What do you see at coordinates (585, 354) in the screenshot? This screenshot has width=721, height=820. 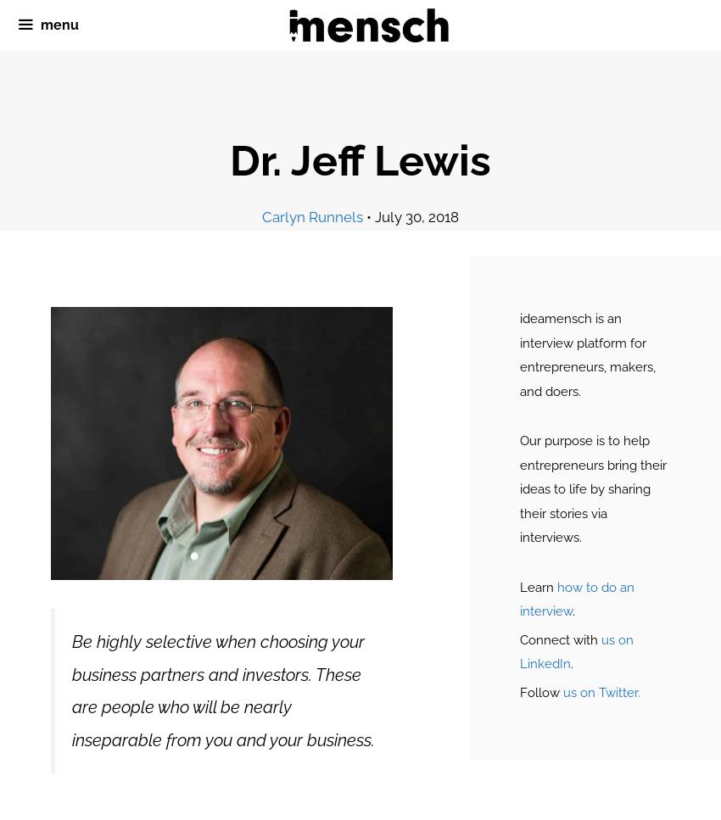 I see `'ideamensch is an interview platform for entrepreneurs, makers, and doers.'` at bounding box center [585, 354].